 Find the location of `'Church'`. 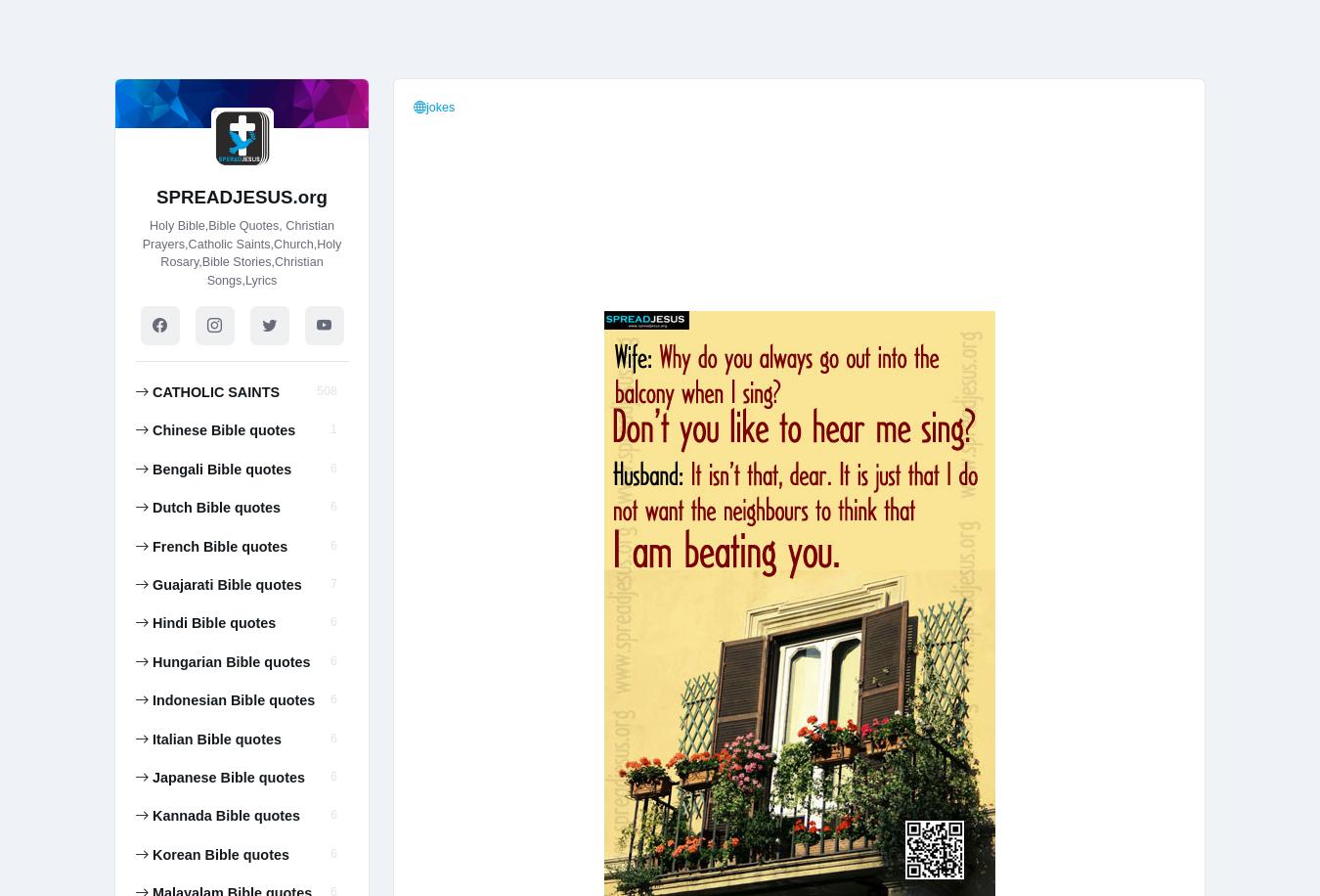

'Church' is located at coordinates (858, 26).